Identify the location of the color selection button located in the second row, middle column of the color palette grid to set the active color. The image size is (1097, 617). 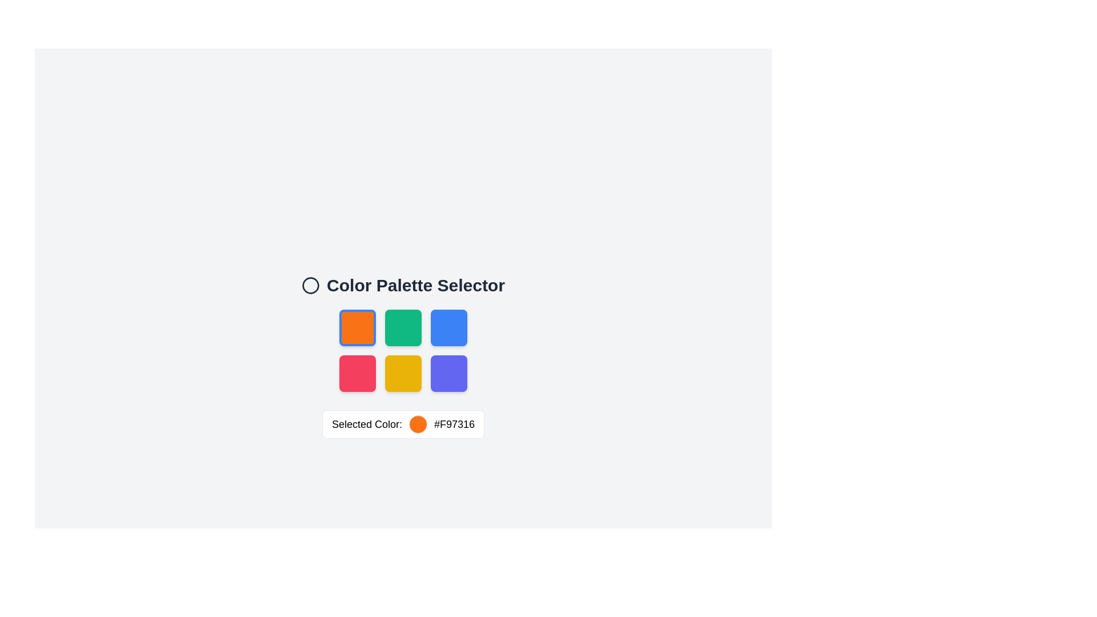
(403, 374).